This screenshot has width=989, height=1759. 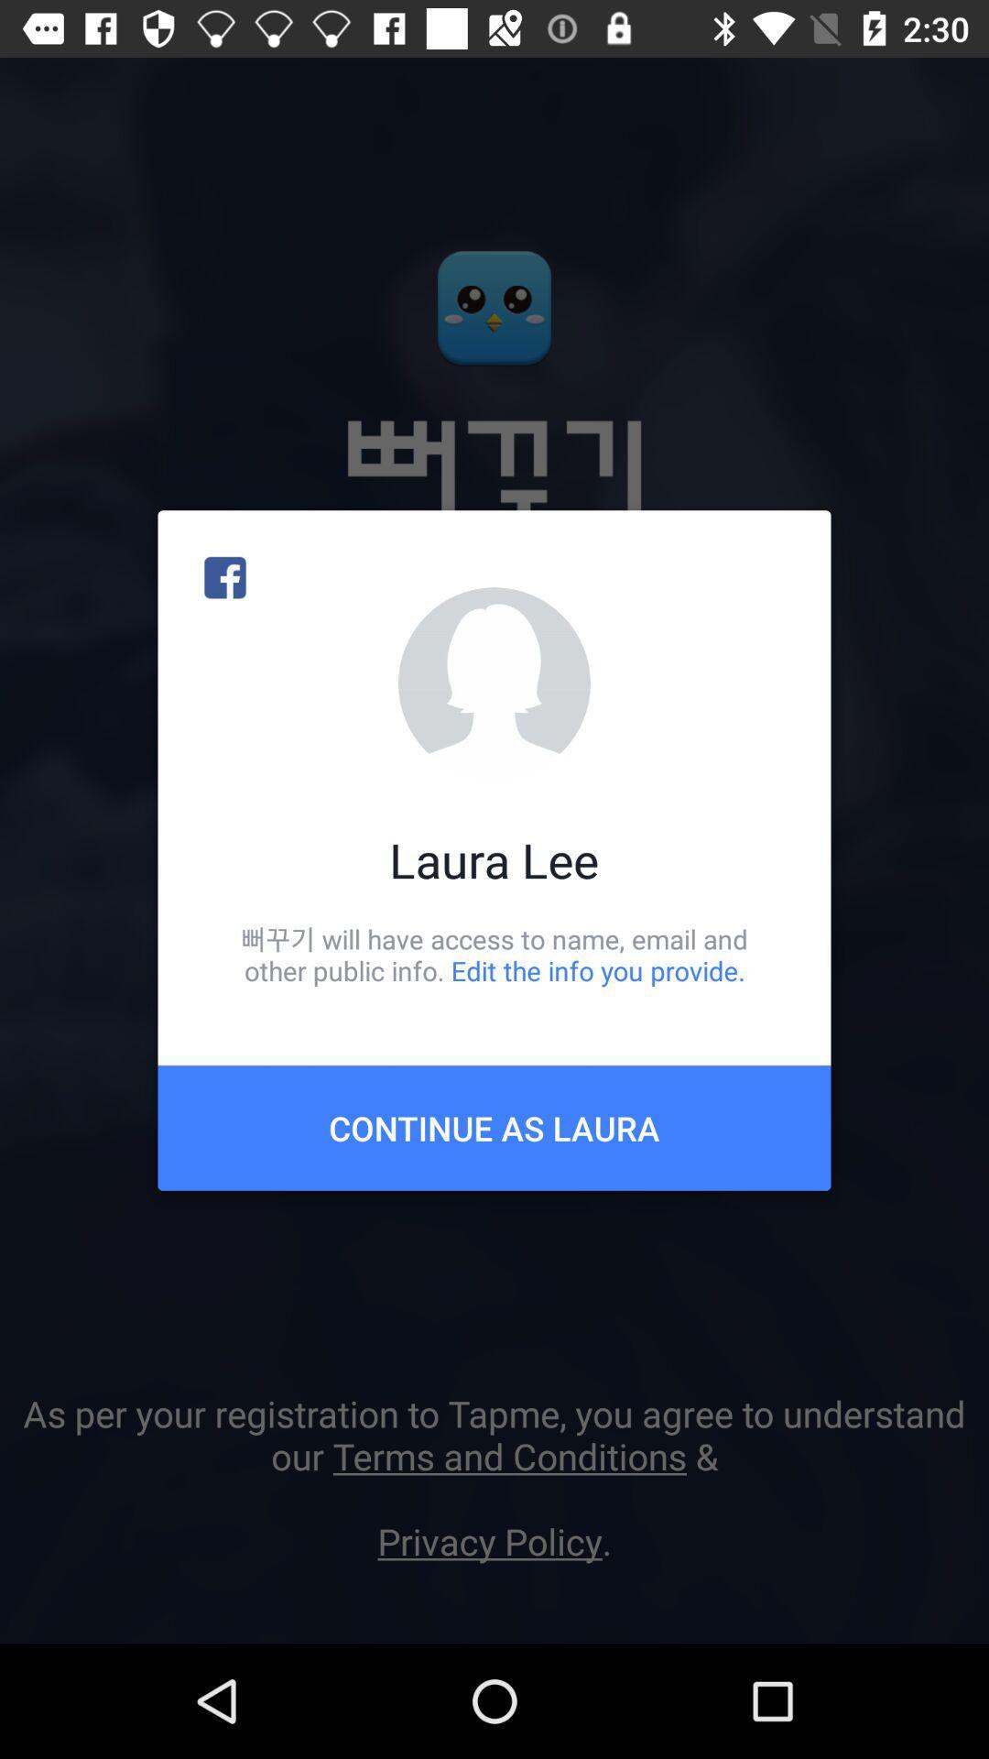 What do you see at coordinates (494, 954) in the screenshot?
I see `icon above the continue as laura item` at bounding box center [494, 954].